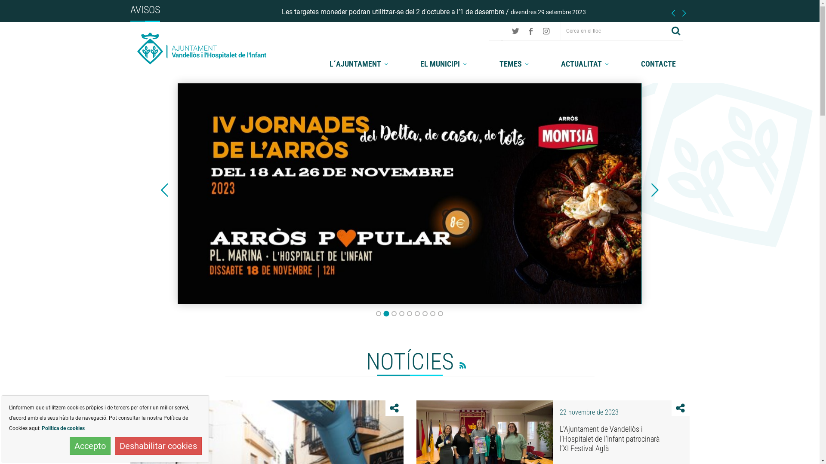 This screenshot has height=464, width=826. Describe the element at coordinates (417, 313) in the screenshot. I see `'6'` at that location.